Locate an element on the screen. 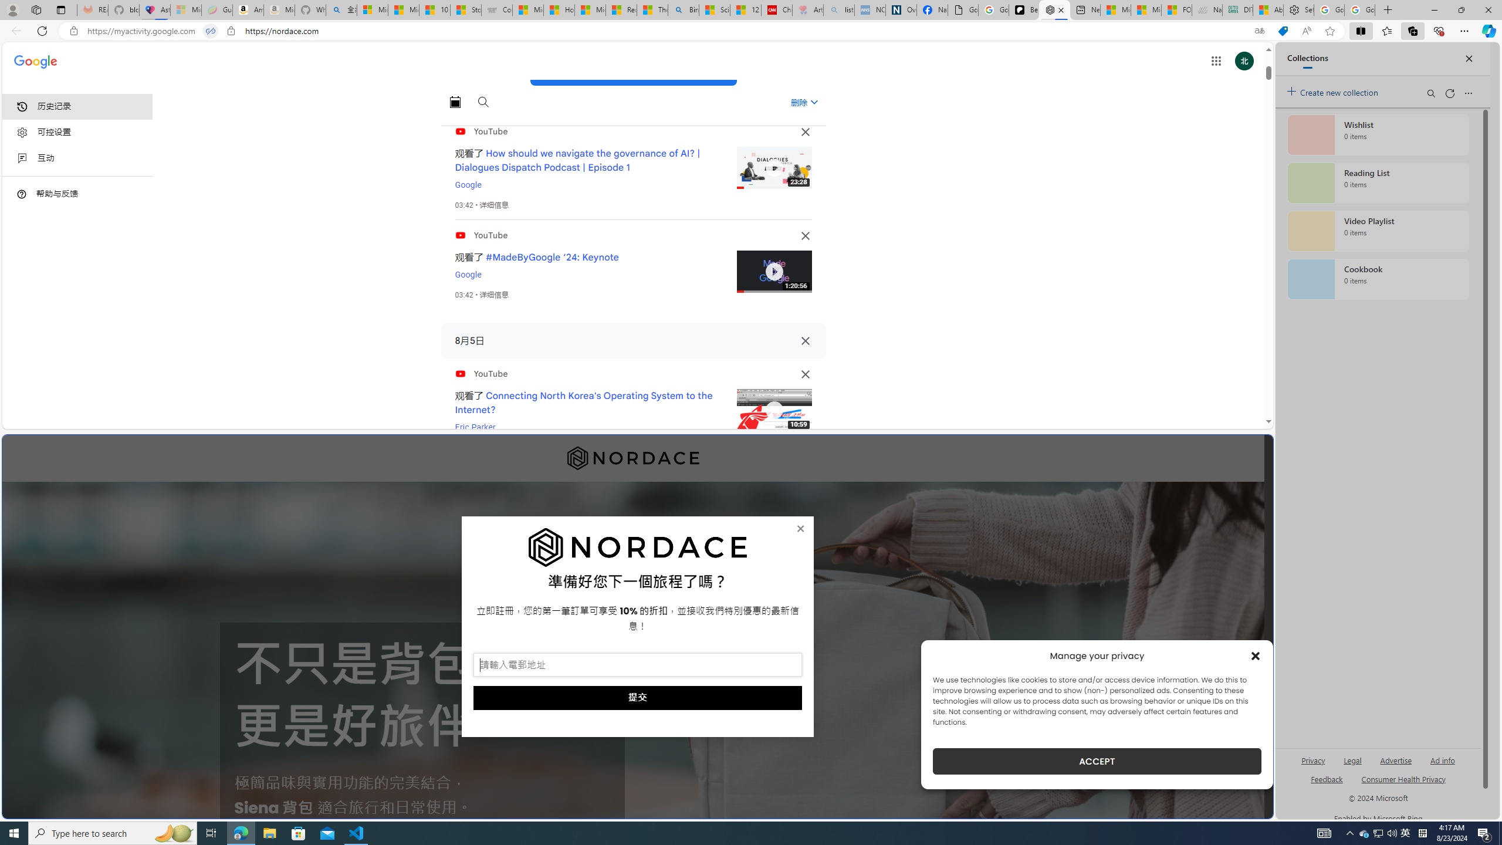  'Class: cmplz-close' is located at coordinates (1256, 655).